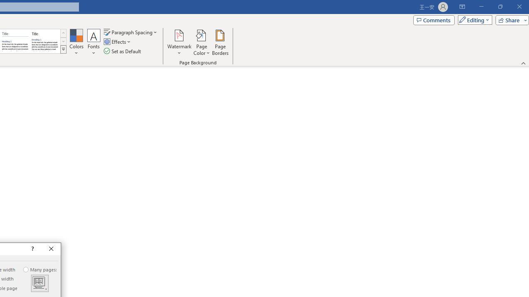 This screenshot has height=297, width=529. I want to click on 'MSO Generic Control Container', so click(39, 283).